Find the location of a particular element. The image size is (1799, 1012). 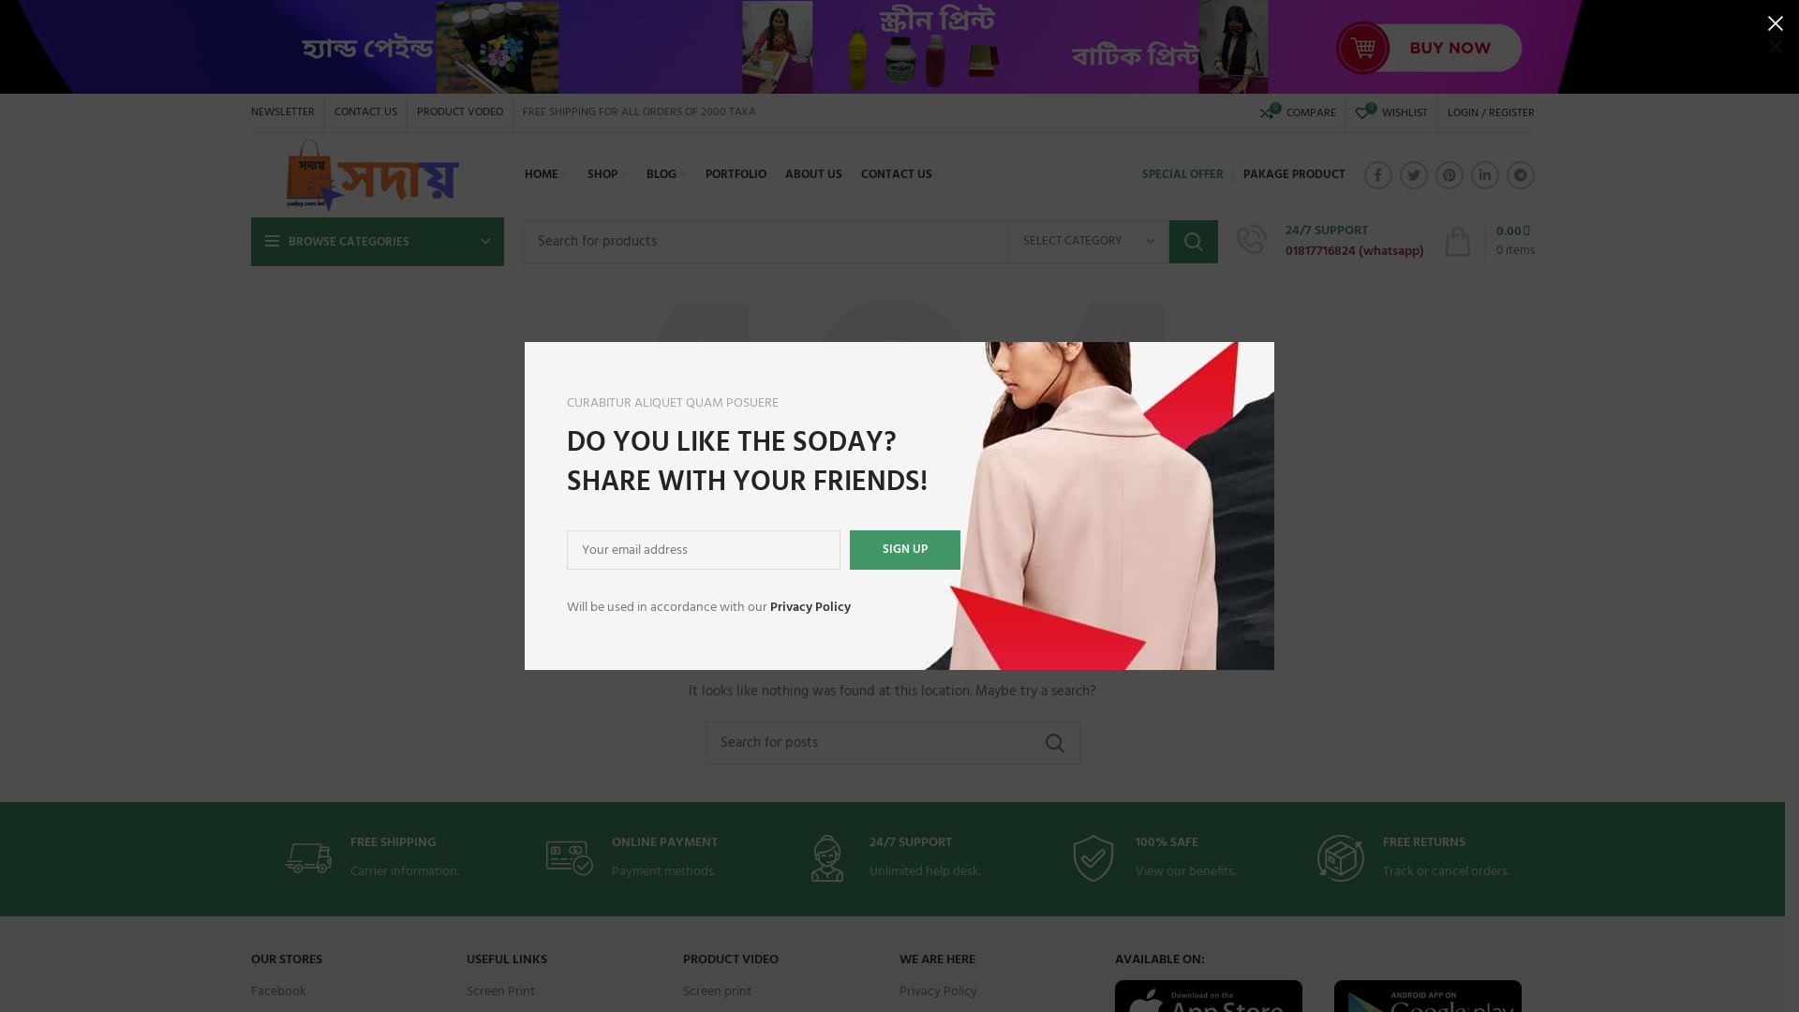

'ABOUT US' is located at coordinates (813, 174).